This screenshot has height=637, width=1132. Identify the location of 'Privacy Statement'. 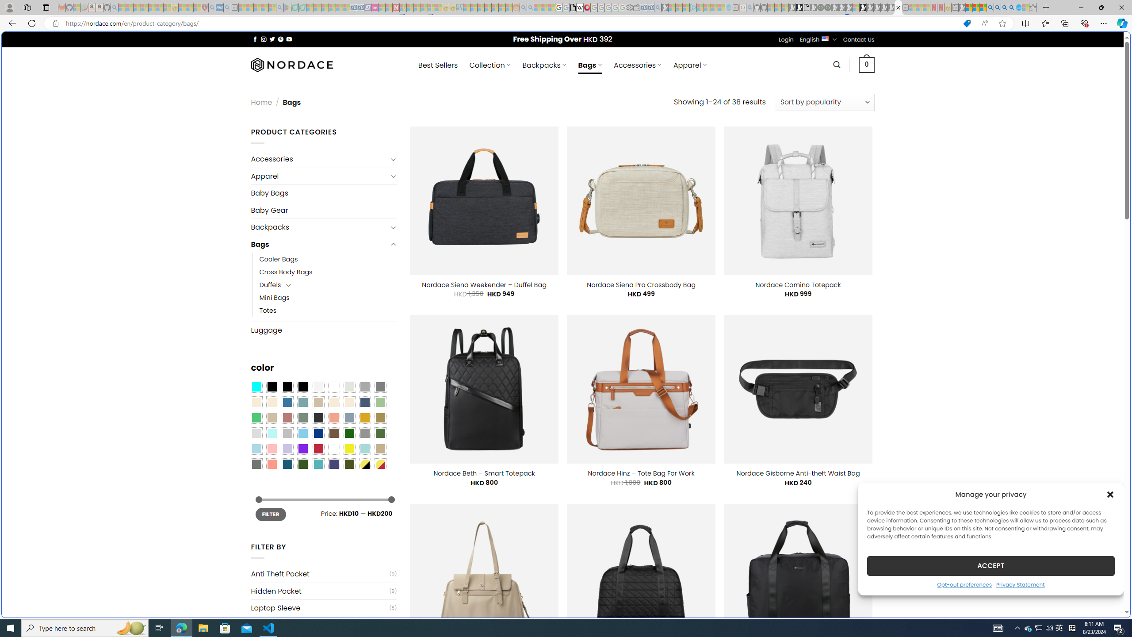
(1020, 584).